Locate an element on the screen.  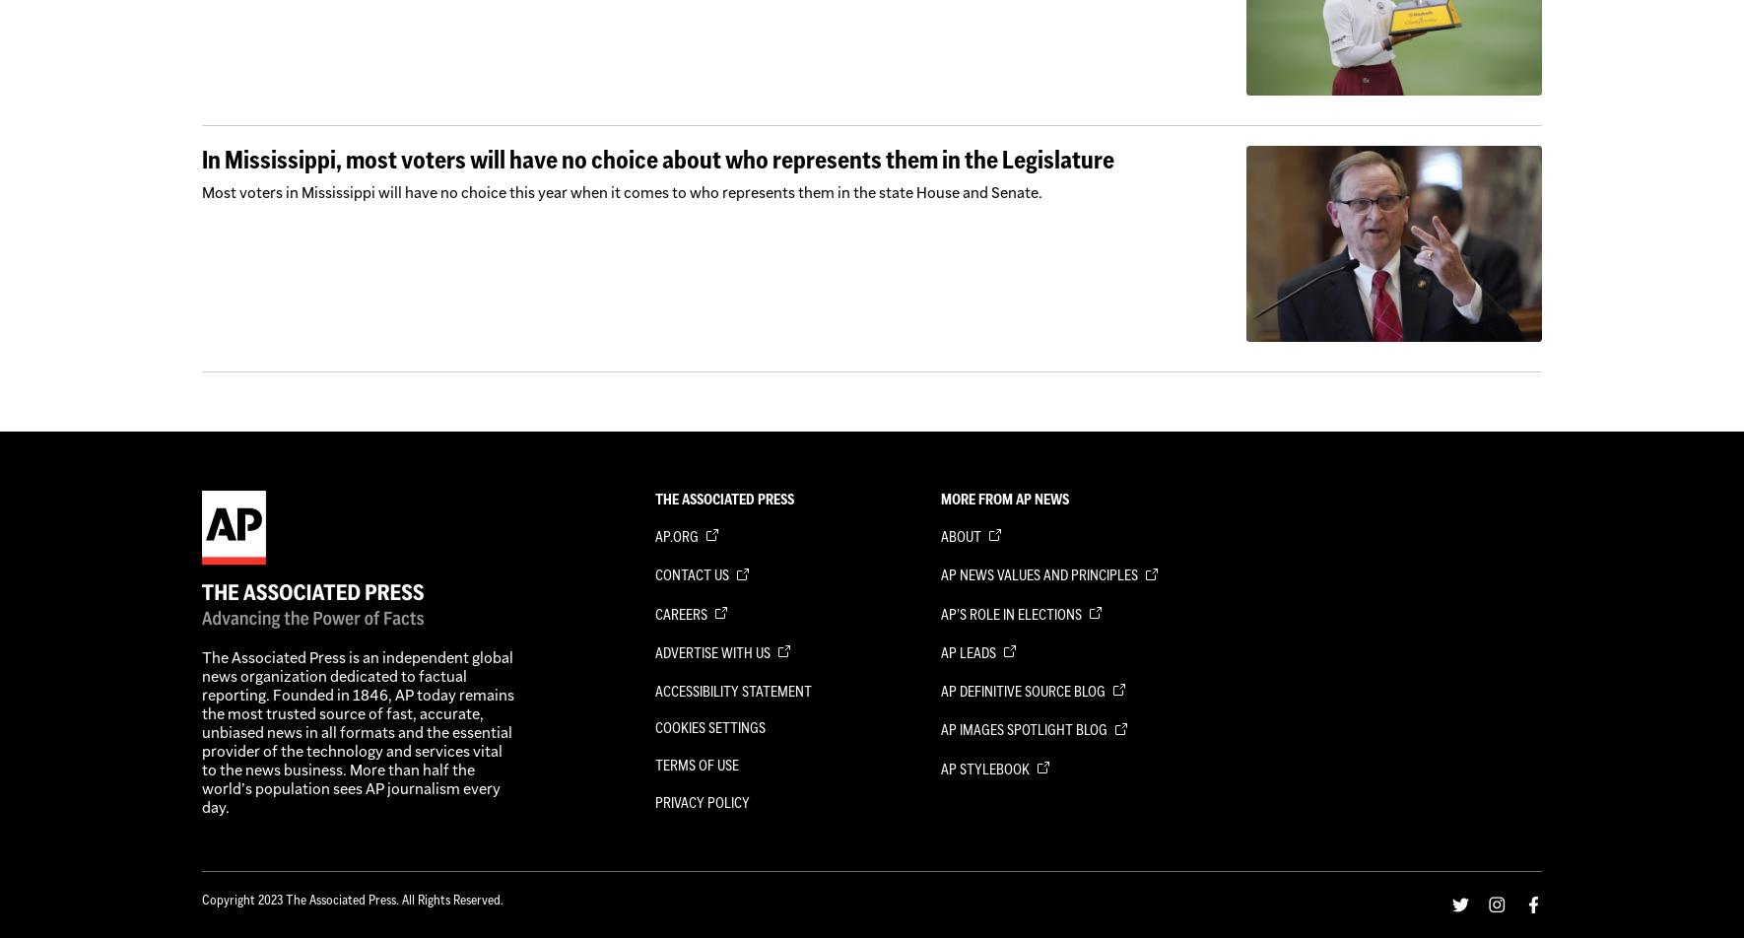
'Cookies Settings' is located at coordinates (708, 728).